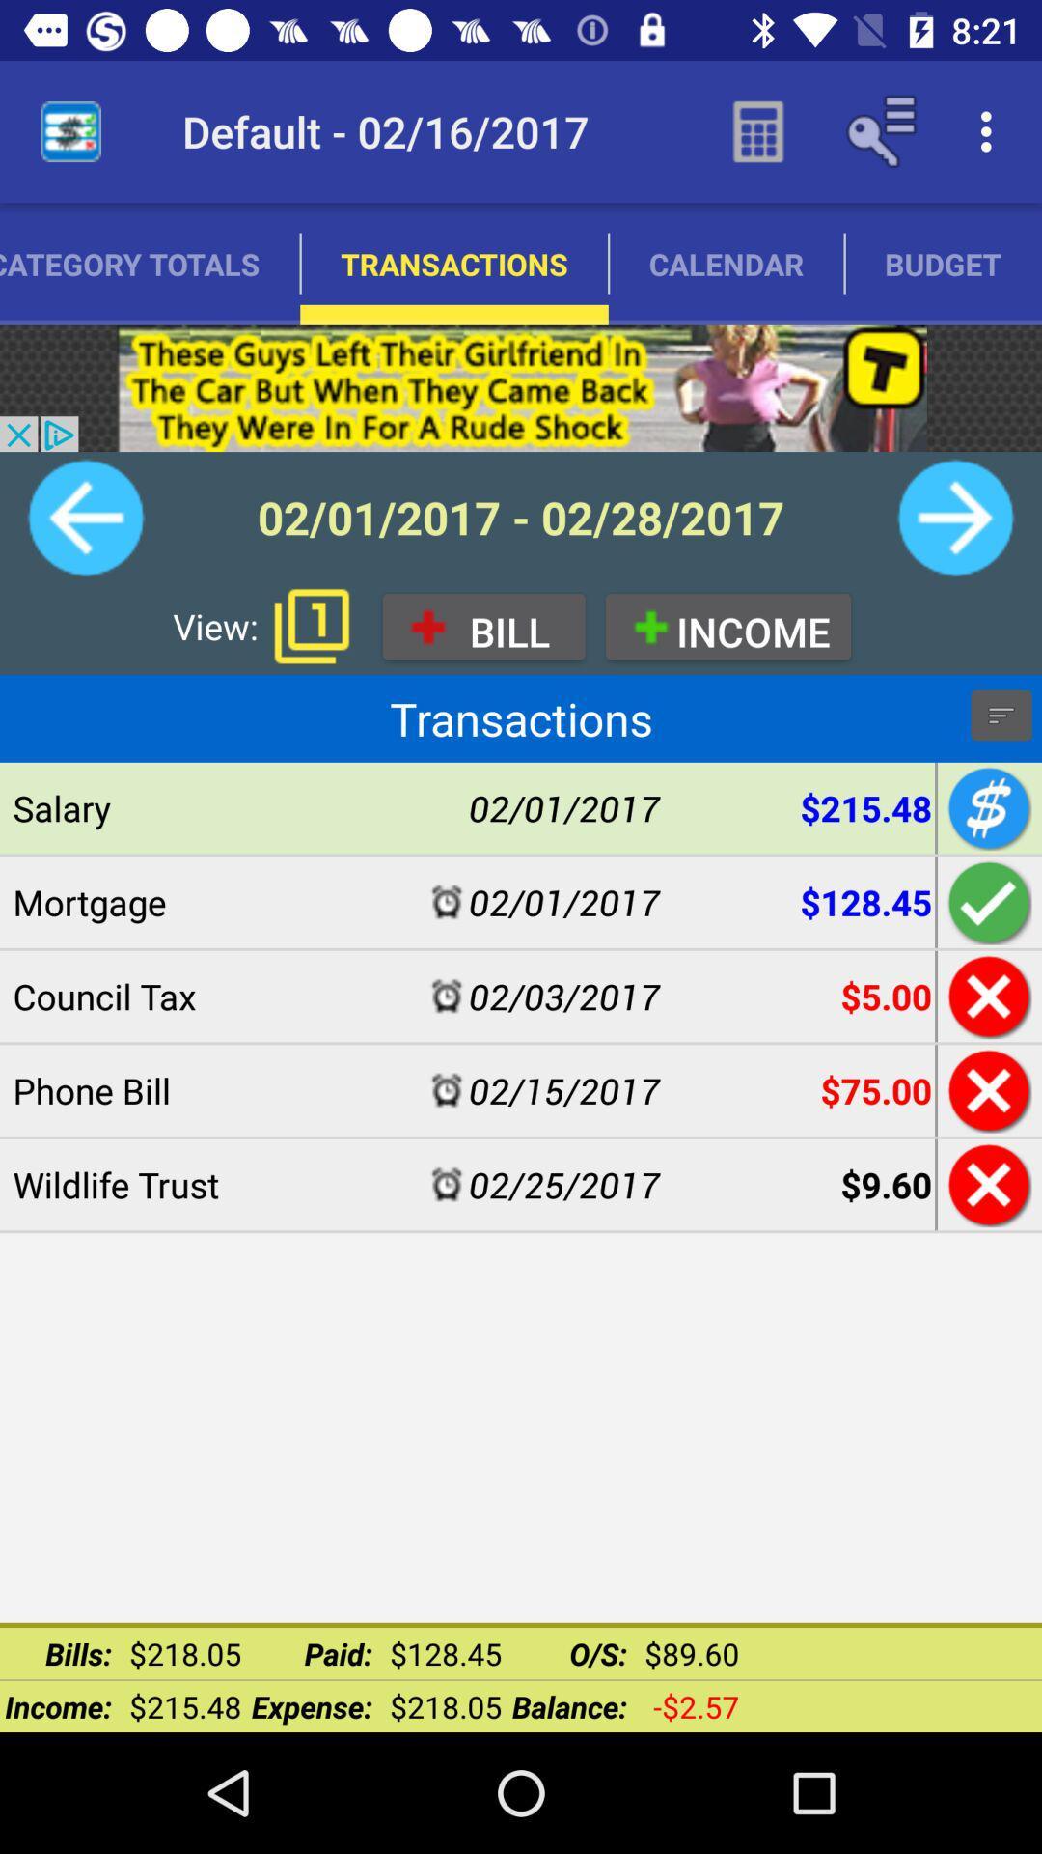 This screenshot has width=1042, height=1854. I want to click on council tax transaction, so click(986, 997).